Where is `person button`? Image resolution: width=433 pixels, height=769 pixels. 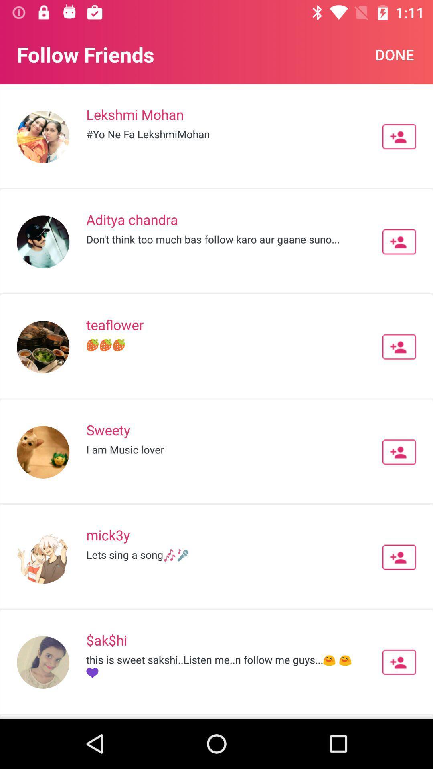 person button is located at coordinates (399, 347).